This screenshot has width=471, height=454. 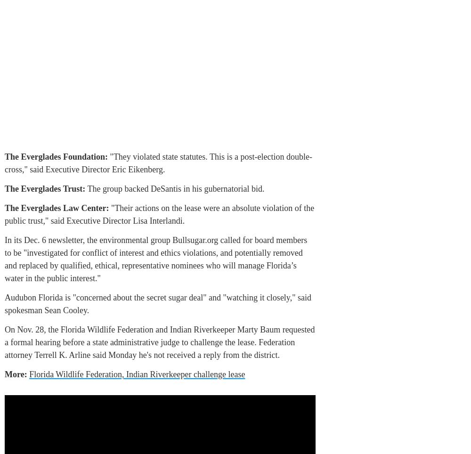 I want to click on '"Their actions on the lease were an absolute violation of the public trust," said Executive Director Lisa Interlandi.', so click(x=159, y=214).